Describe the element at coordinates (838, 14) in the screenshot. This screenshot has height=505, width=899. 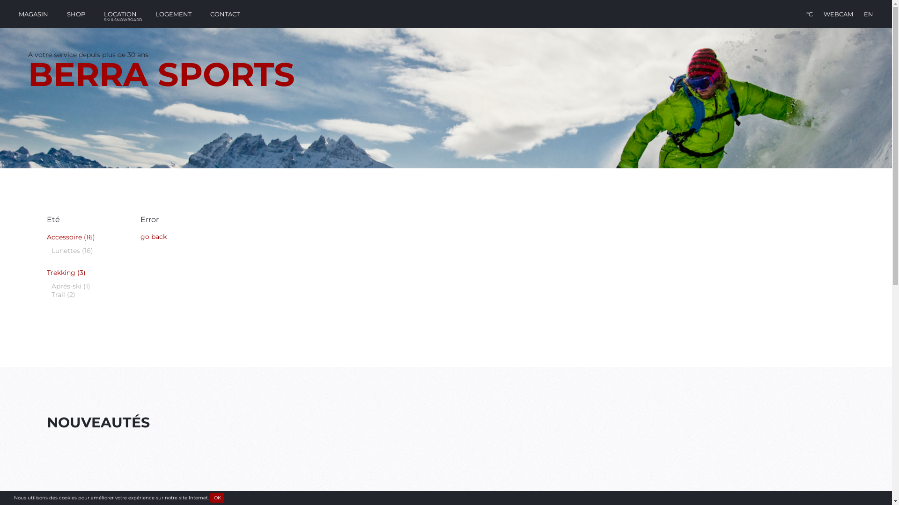
I see `'WEBCAM'` at that location.